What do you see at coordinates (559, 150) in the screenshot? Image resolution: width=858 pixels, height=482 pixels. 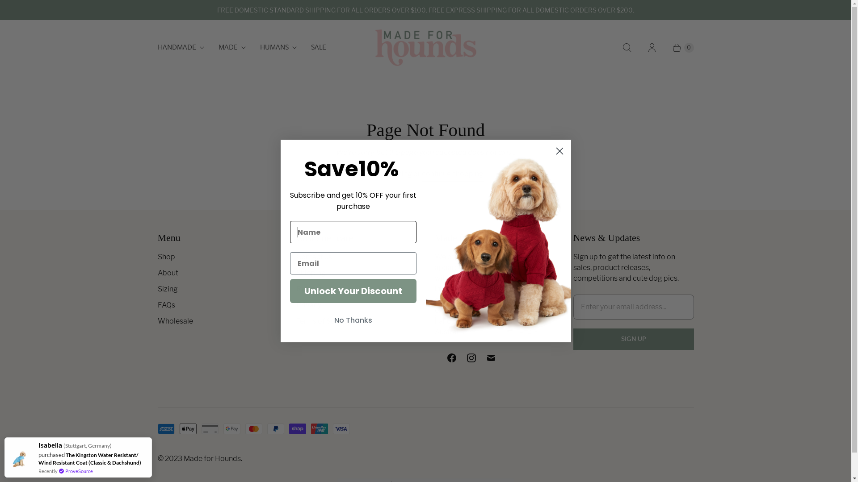 I see `'Close dialog 1'` at bounding box center [559, 150].